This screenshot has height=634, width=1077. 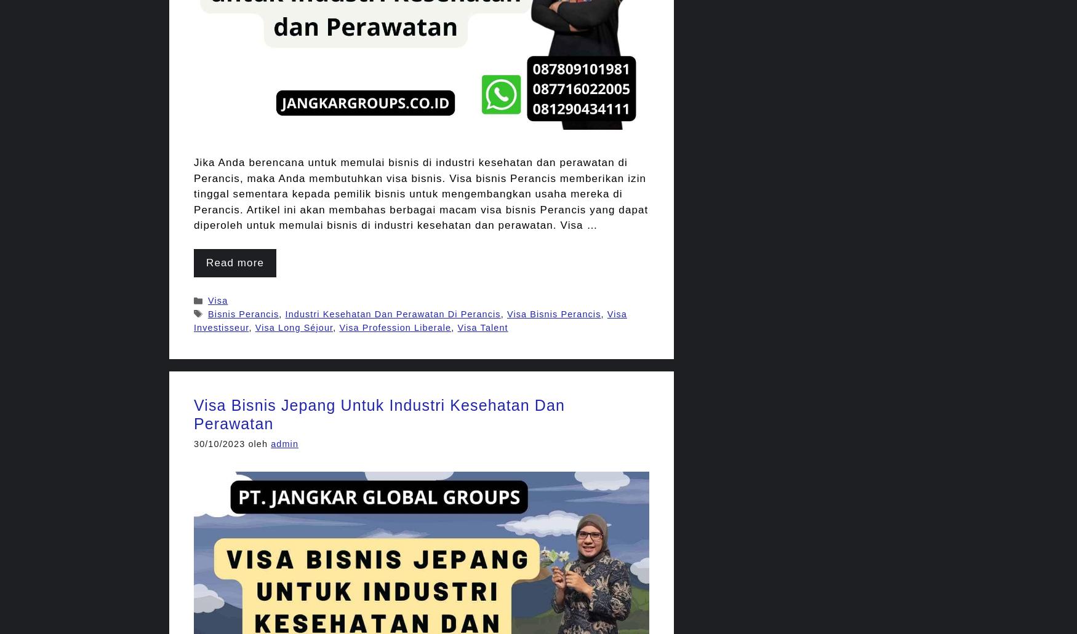 What do you see at coordinates (219, 443) in the screenshot?
I see `'30/10/2023'` at bounding box center [219, 443].